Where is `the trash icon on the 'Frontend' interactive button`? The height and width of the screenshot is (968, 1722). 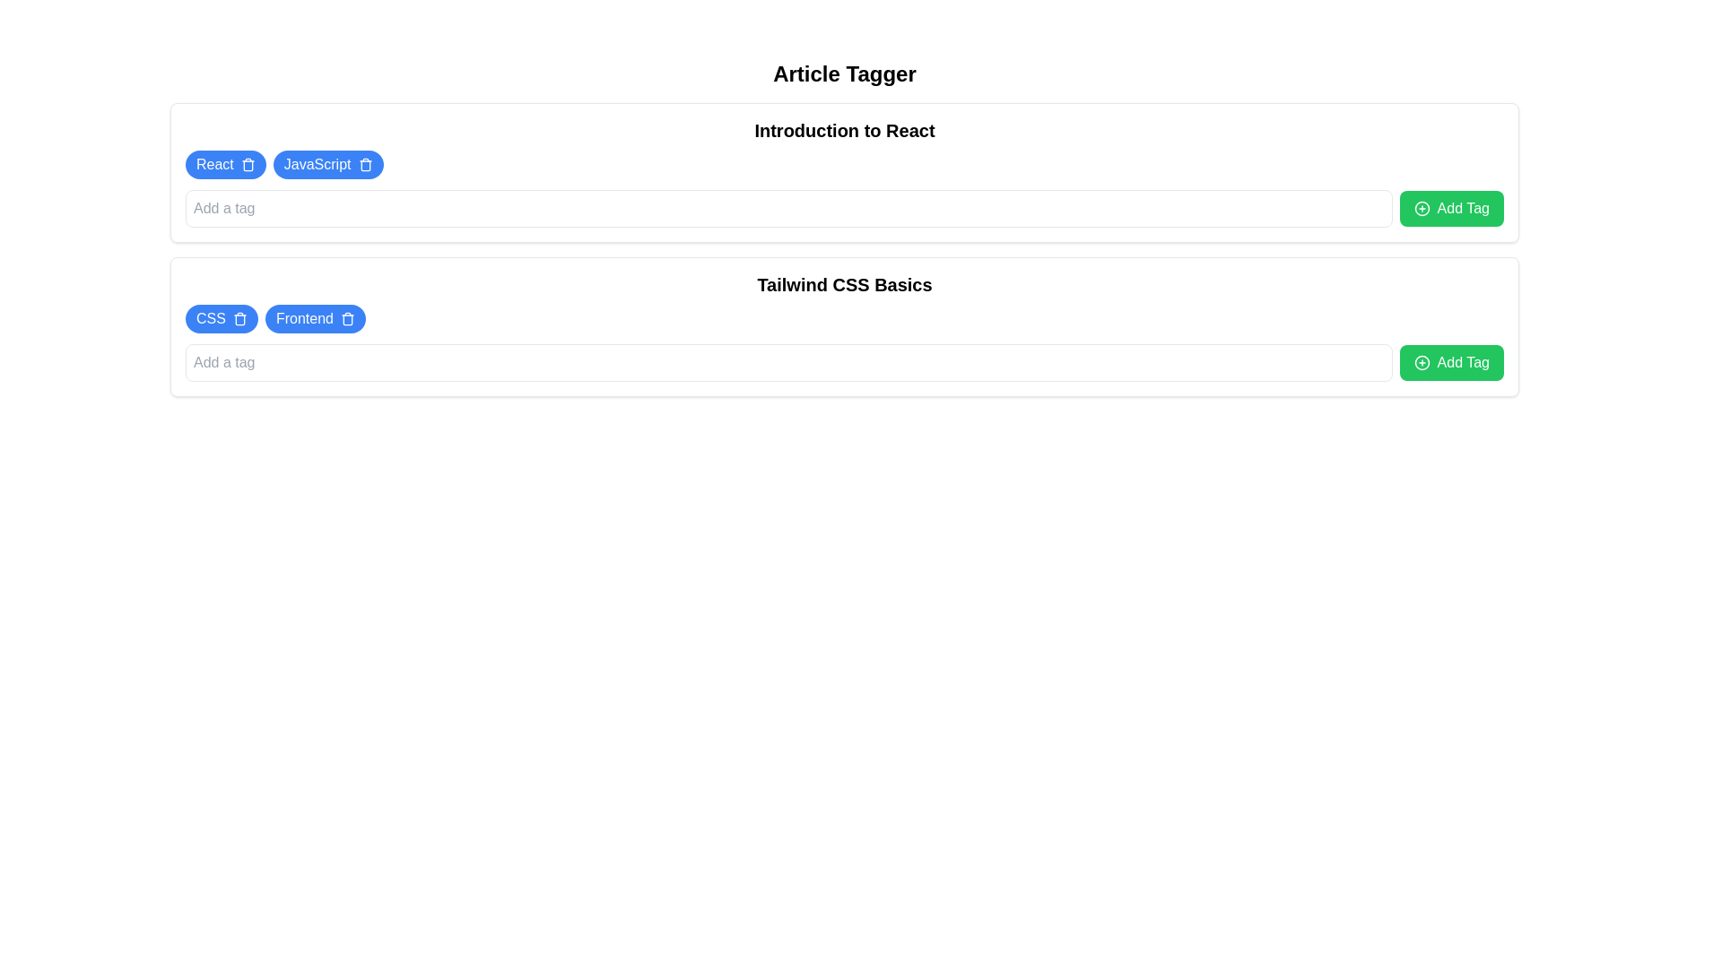 the trash icon on the 'Frontend' interactive button is located at coordinates (315, 317).